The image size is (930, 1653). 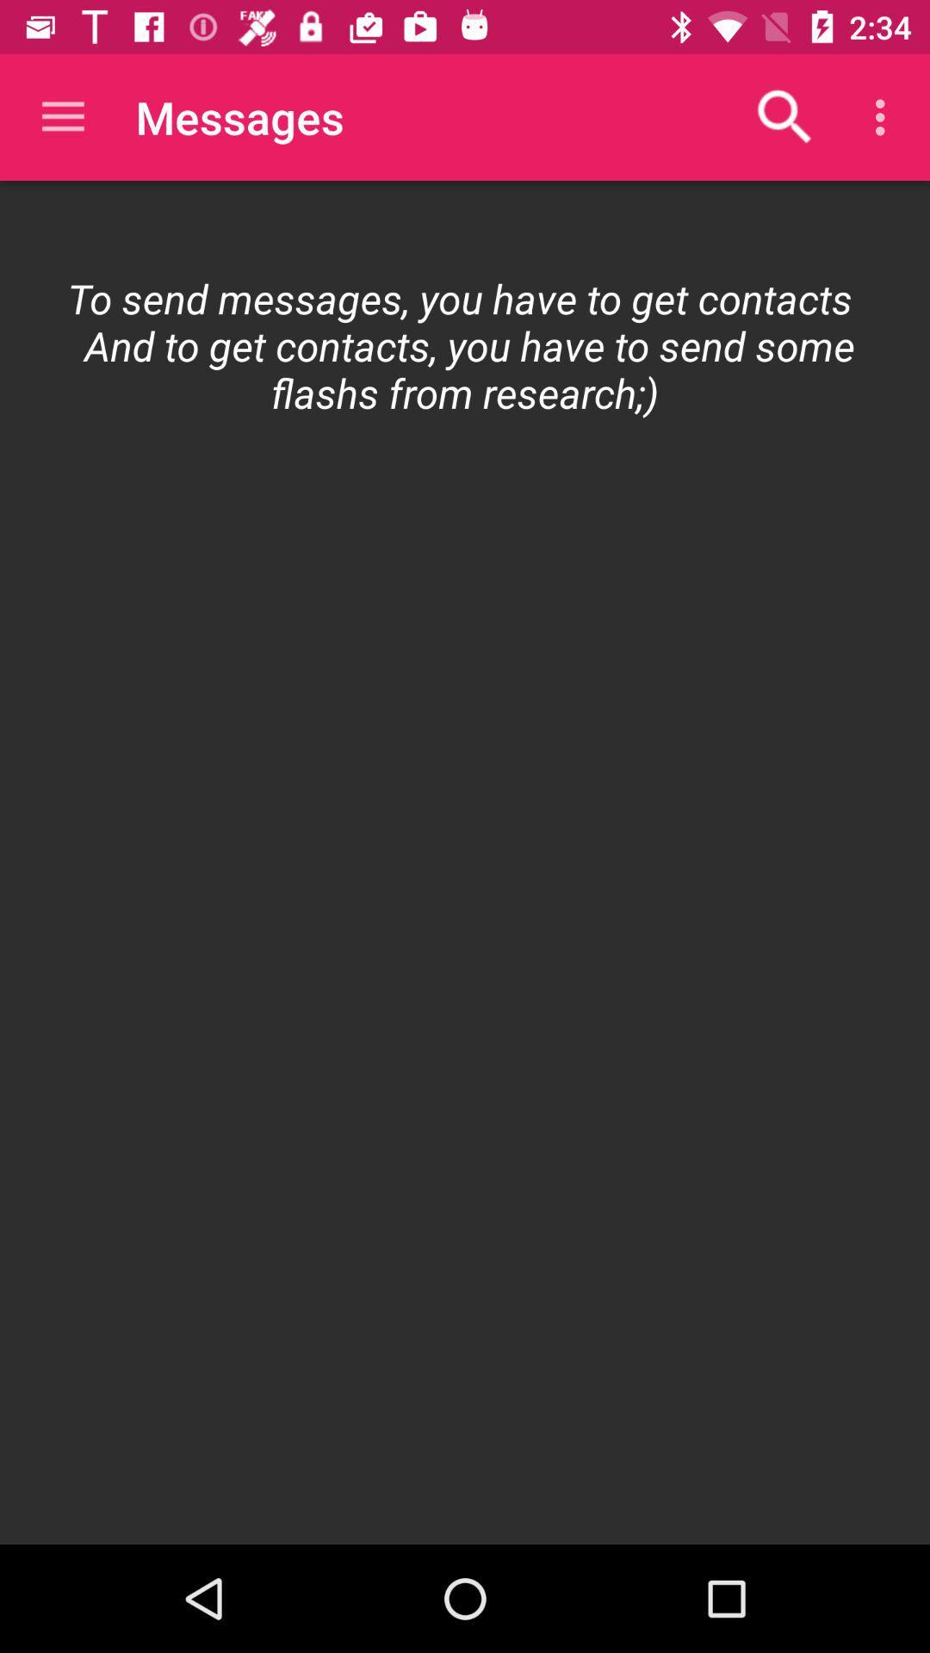 I want to click on app to the left of messages app, so click(x=62, y=116).